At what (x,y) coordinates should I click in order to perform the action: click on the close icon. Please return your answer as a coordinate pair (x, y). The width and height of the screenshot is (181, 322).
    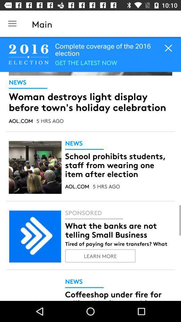
    Looking at the image, I should click on (168, 48).